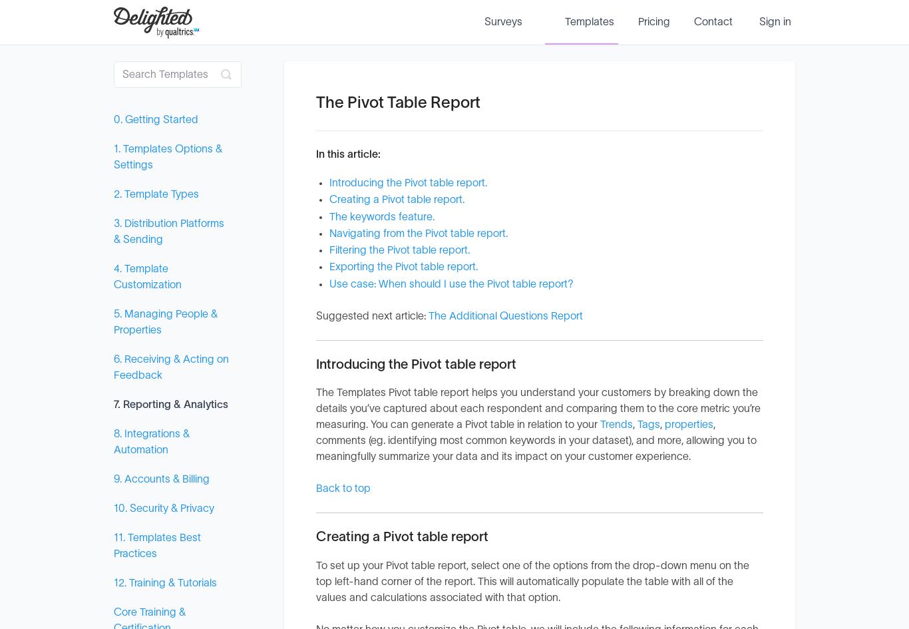  What do you see at coordinates (166, 321) in the screenshot?
I see `'5. Managing People & Properties'` at bounding box center [166, 321].